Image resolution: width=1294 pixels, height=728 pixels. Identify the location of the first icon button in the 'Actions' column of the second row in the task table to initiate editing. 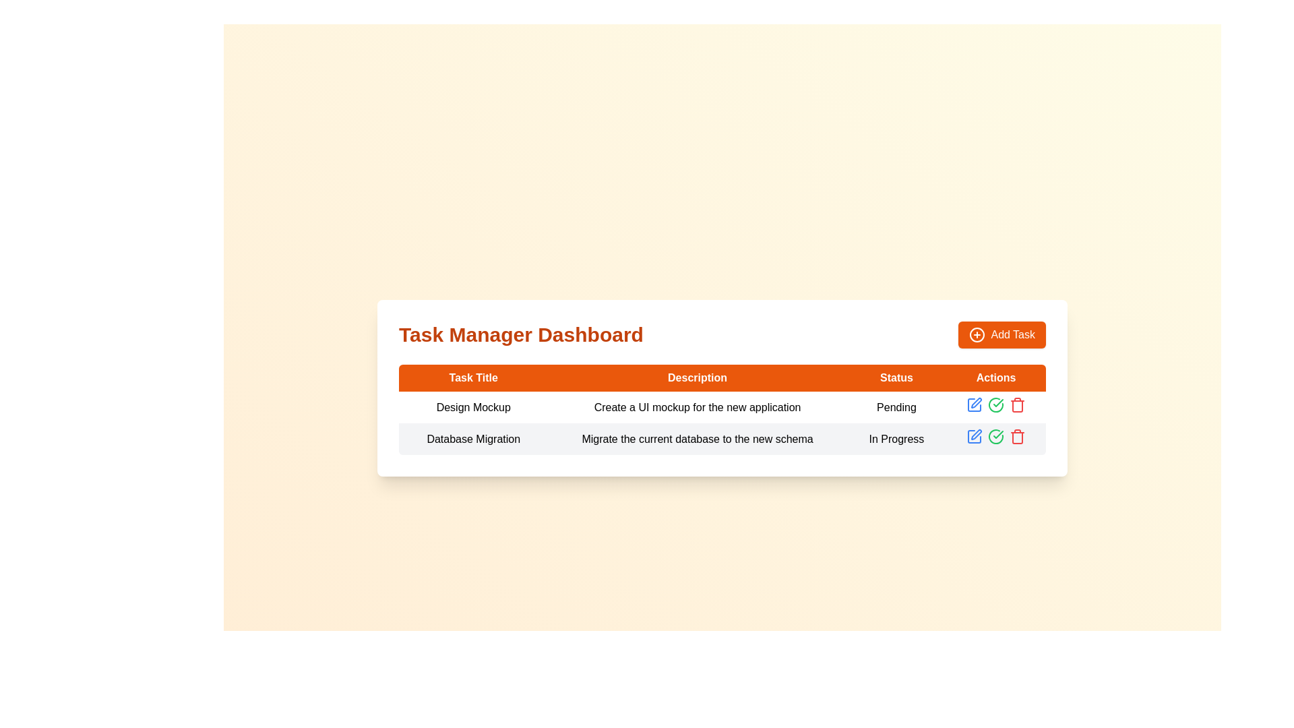
(975, 437).